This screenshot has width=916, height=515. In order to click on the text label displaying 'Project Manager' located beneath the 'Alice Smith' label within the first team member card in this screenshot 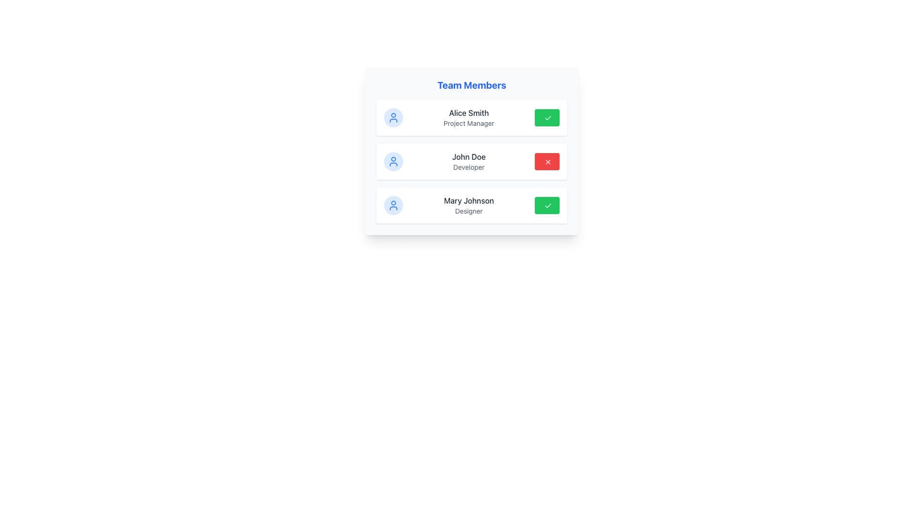, I will do `click(469, 123)`.